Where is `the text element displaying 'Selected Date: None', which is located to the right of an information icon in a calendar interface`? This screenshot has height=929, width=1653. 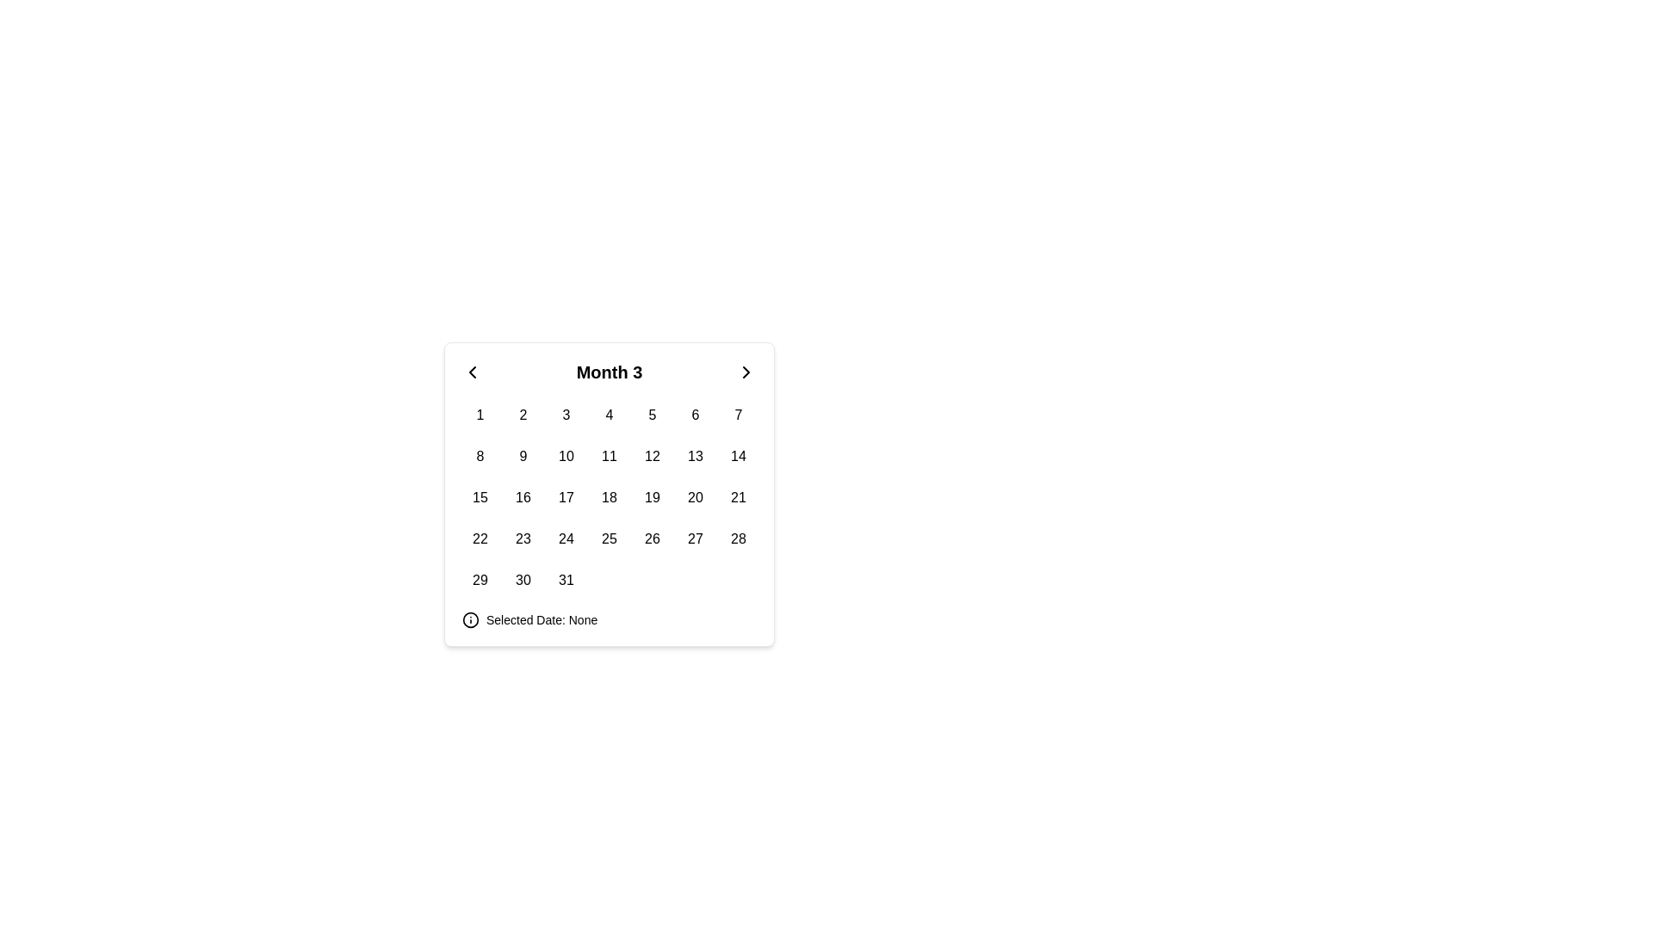
the text element displaying 'Selected Date: None', which is located to the right of an information icon in a calendar interface is located at coordinates (541, 620).